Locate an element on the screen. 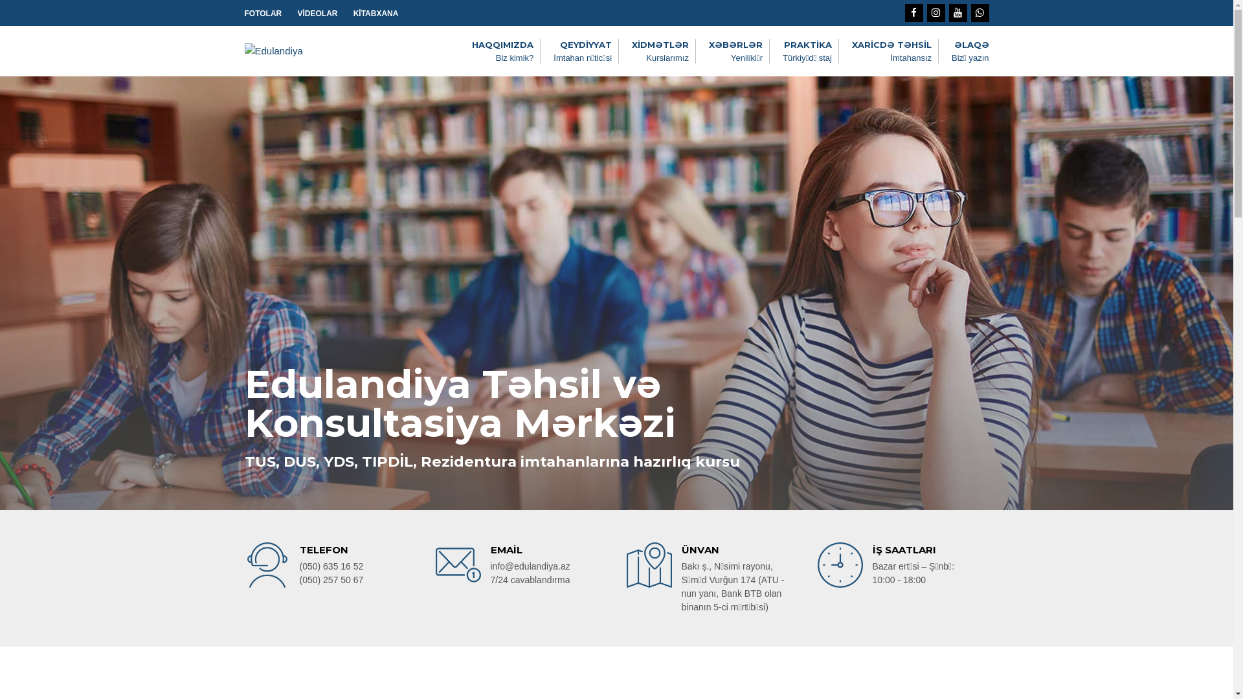  'VIDEOLAR' is located at coordinates (317, 14).